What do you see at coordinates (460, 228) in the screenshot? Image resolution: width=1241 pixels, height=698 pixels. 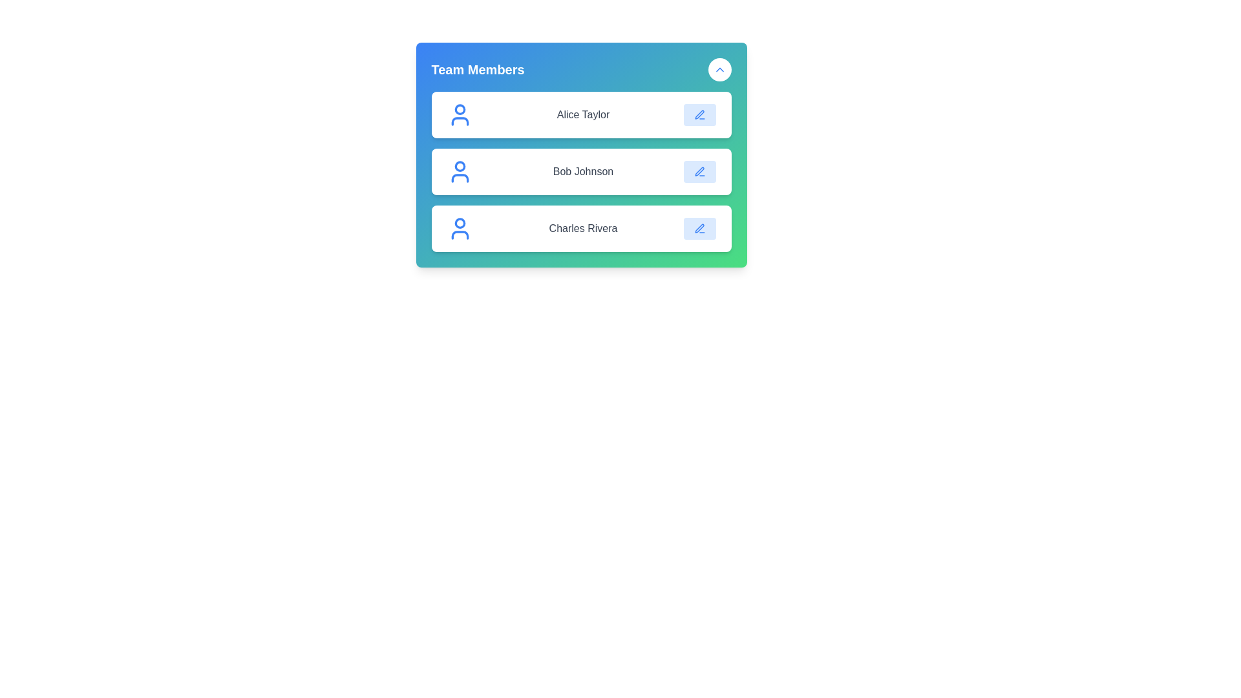 I see `the user icon next to the contact named Charles Rivera` at bounding box center [460, 228].